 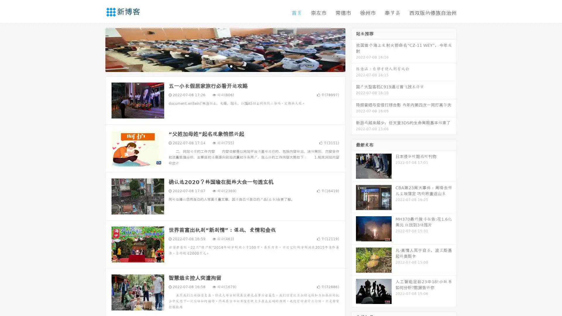 I want to click on Previous slide, so click(x=97, y=49).